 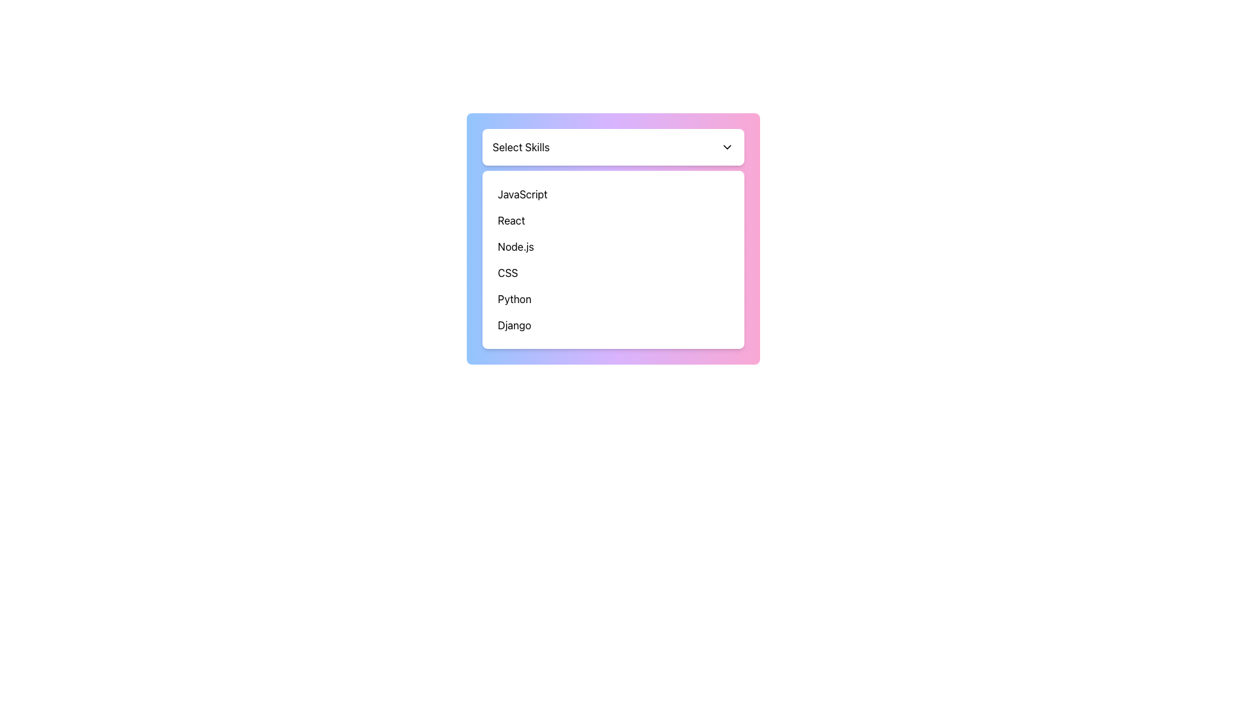 I want to click on the 'JavaScript' option from the dropdown list by clicking on the first item displayed in the list, which is centrally aligned within the dropdown component, so click(x=612, y=194).